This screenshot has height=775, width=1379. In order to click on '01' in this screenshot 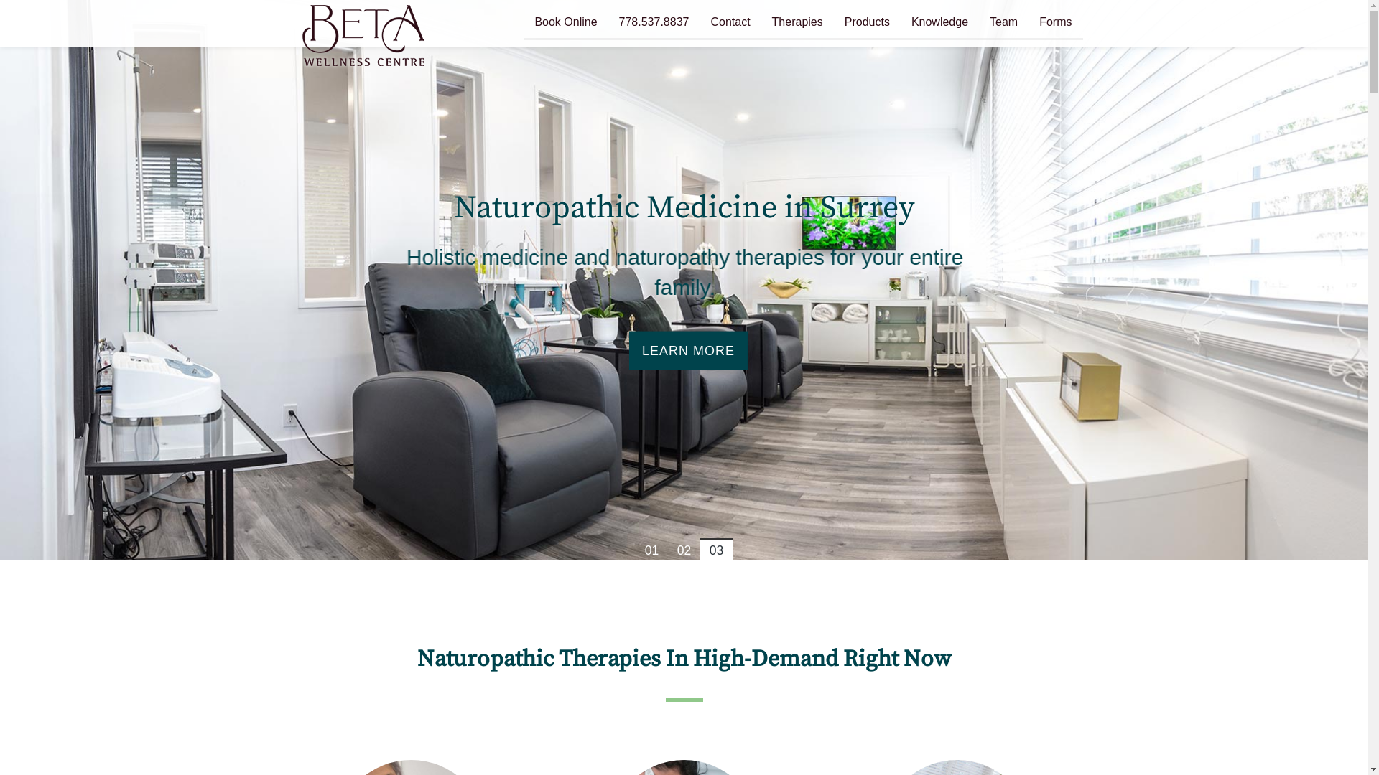, I will do `click(651, 548)`.